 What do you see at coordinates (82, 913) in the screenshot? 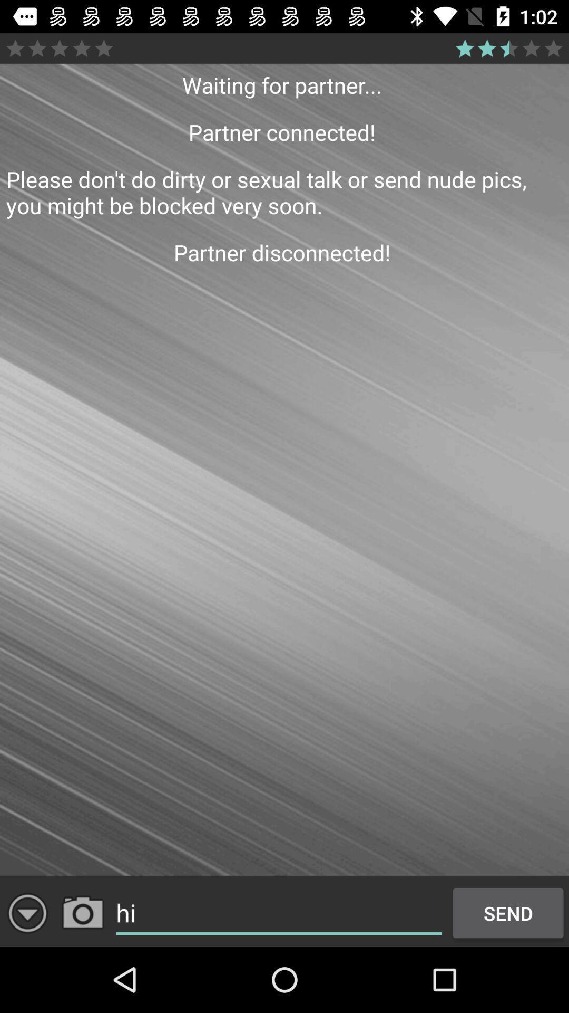
I see `camera` at bounding box center [82, 913].